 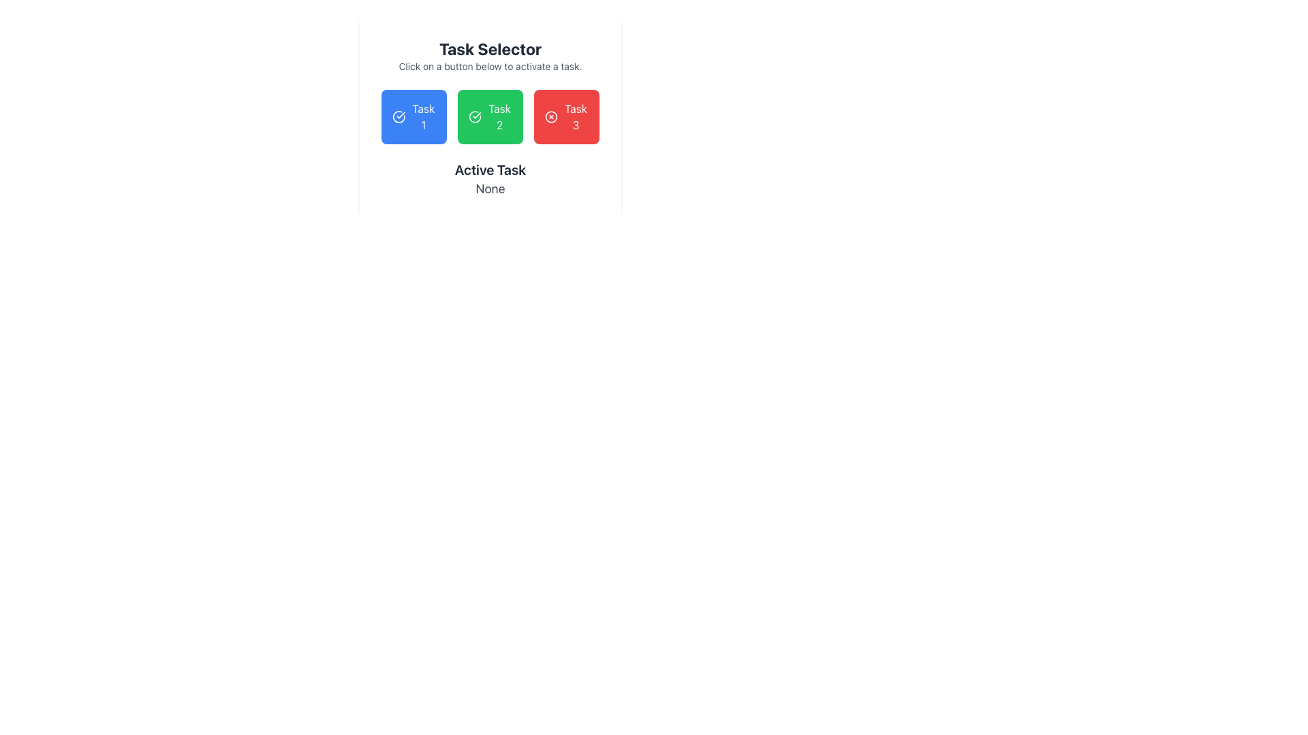 I want to click on the static text label that instructs users to click on one of the buttons below it, positioned at the top-center of the interface, directly under the 'Task Selector' title, so click(x=490, y=66).